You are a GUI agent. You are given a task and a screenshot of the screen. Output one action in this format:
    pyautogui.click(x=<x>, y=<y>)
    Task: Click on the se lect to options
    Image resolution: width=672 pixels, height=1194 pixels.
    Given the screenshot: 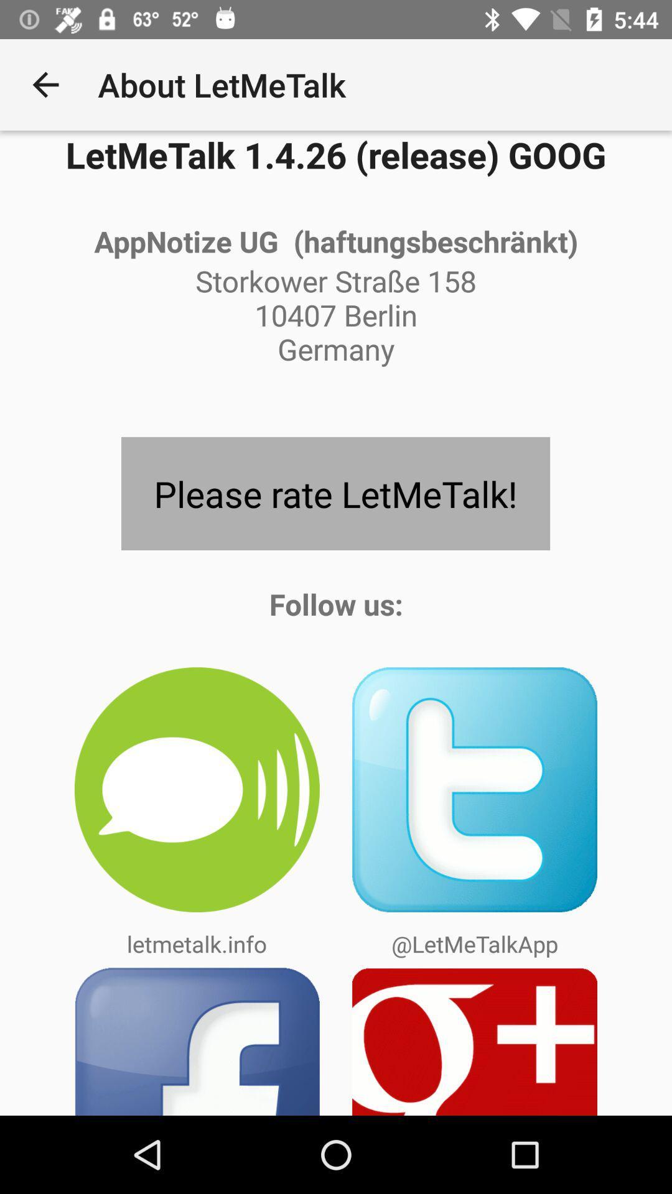 What is the action you would take?
    pyautogui.click(x=475, y=1041)
    